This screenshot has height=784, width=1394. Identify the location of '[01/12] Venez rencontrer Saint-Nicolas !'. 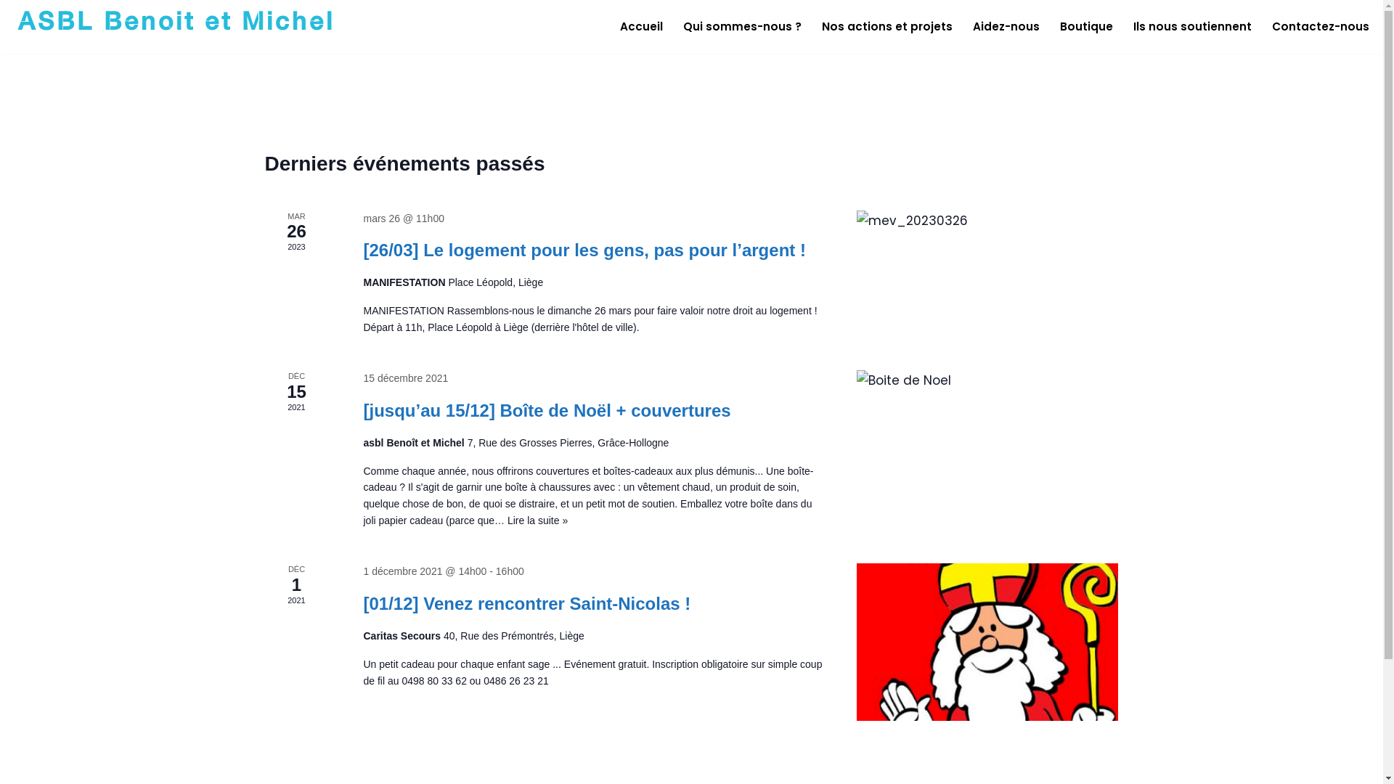
(987, 640).